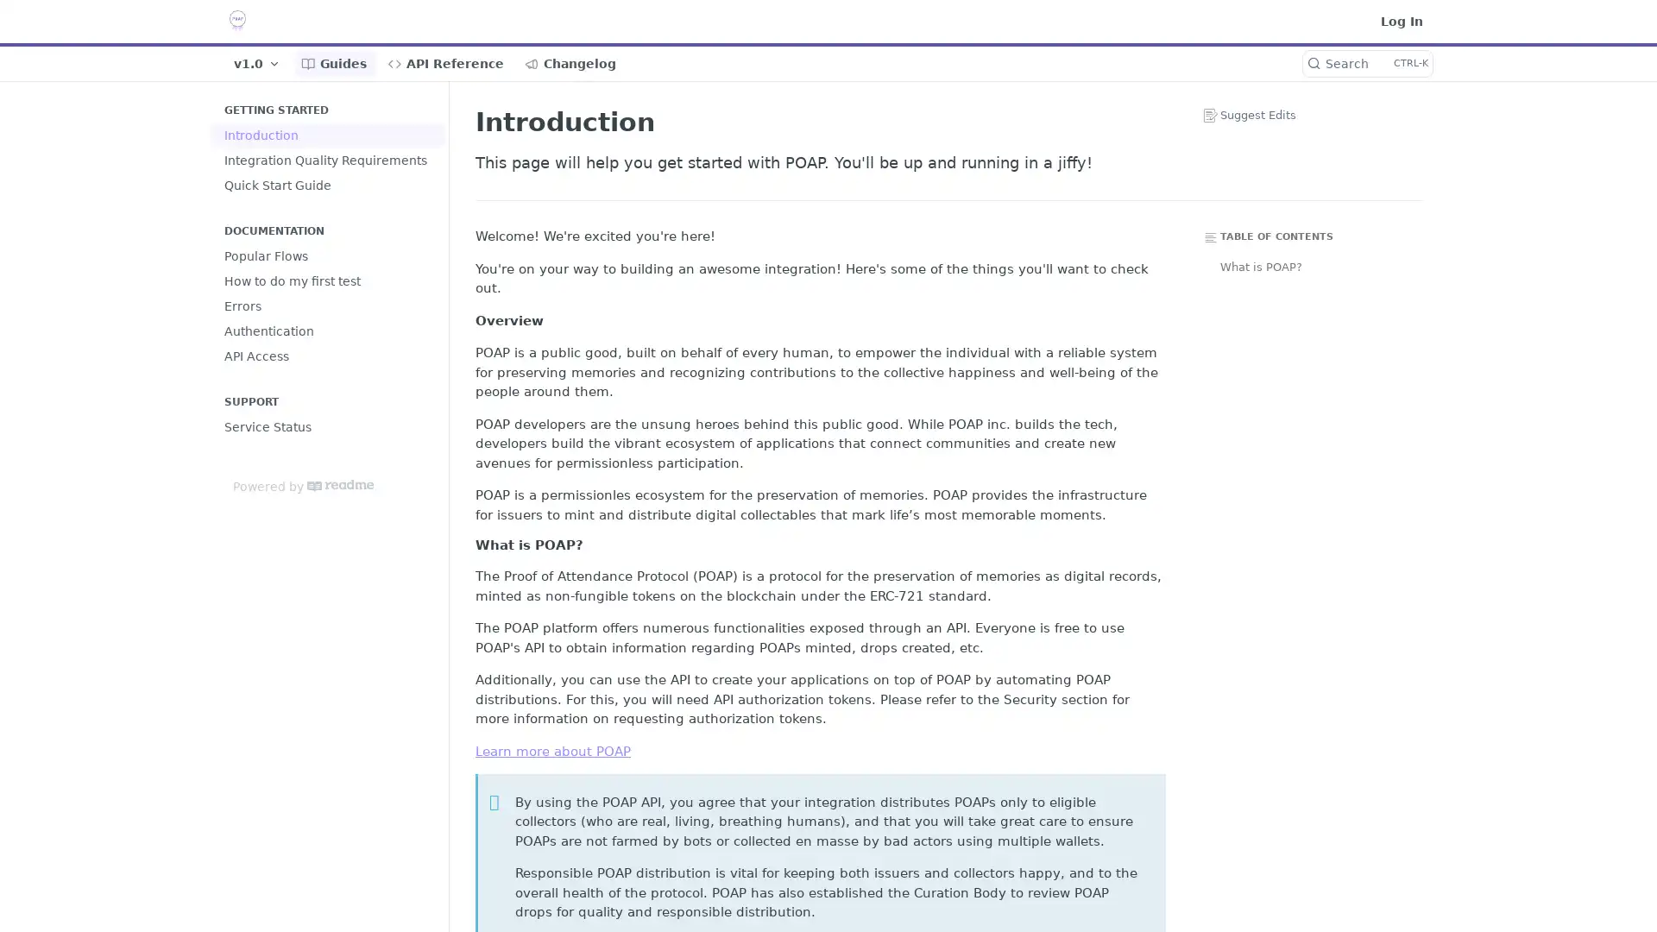 The image size is (1657, 932). What do you see at coordinates (255, 62) in the screenshot?
I see `v1.0` at bounding box center [255, 62].